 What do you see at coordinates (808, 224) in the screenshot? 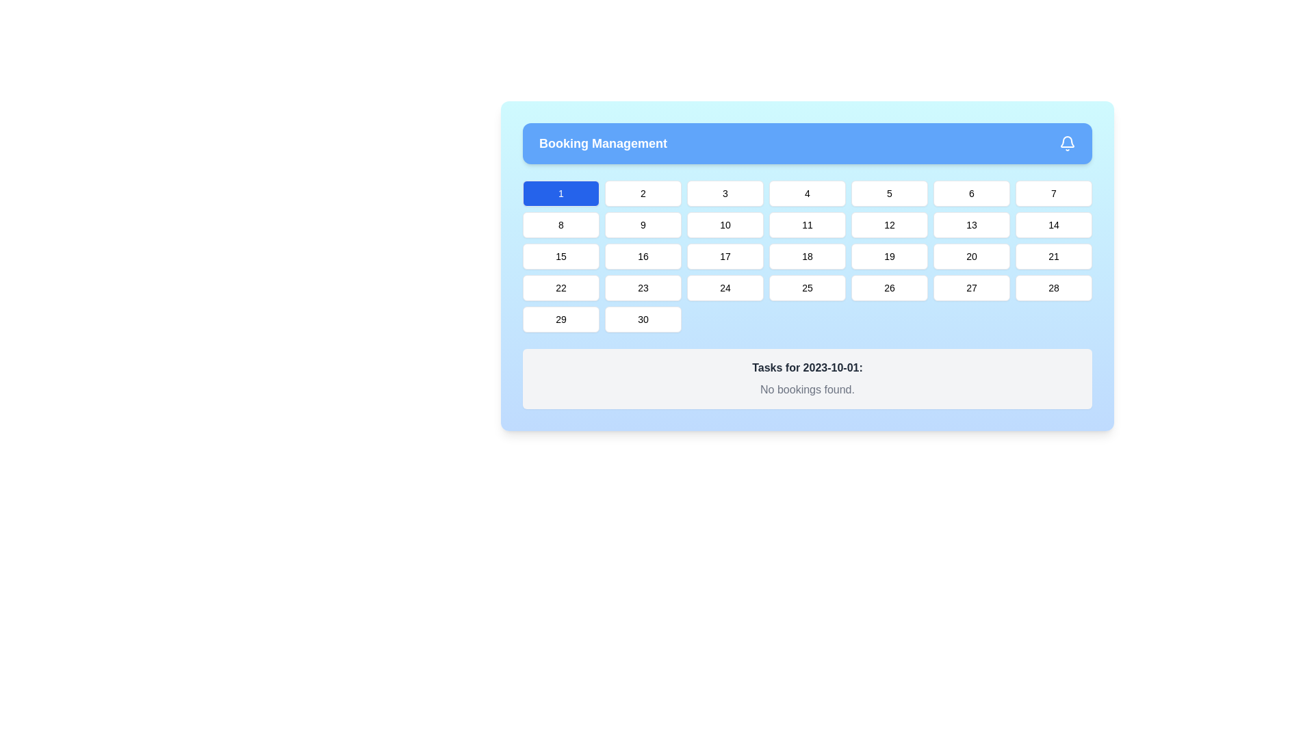
I see `the interactive button in the second row, fourth item of the grid layout` at bounding box center [808, 224].